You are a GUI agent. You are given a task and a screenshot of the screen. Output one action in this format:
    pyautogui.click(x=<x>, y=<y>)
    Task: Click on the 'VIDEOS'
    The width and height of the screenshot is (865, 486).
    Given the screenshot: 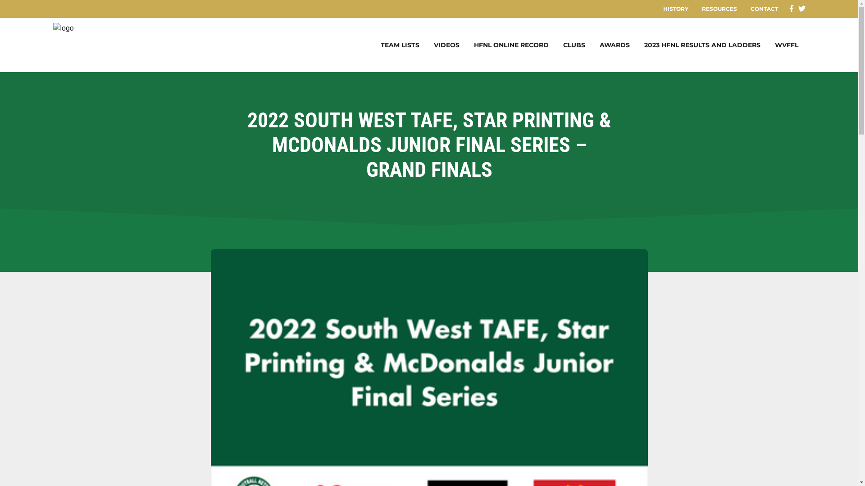 What is the action you would take?
    pyautogui.click(x=425, y=45)
    